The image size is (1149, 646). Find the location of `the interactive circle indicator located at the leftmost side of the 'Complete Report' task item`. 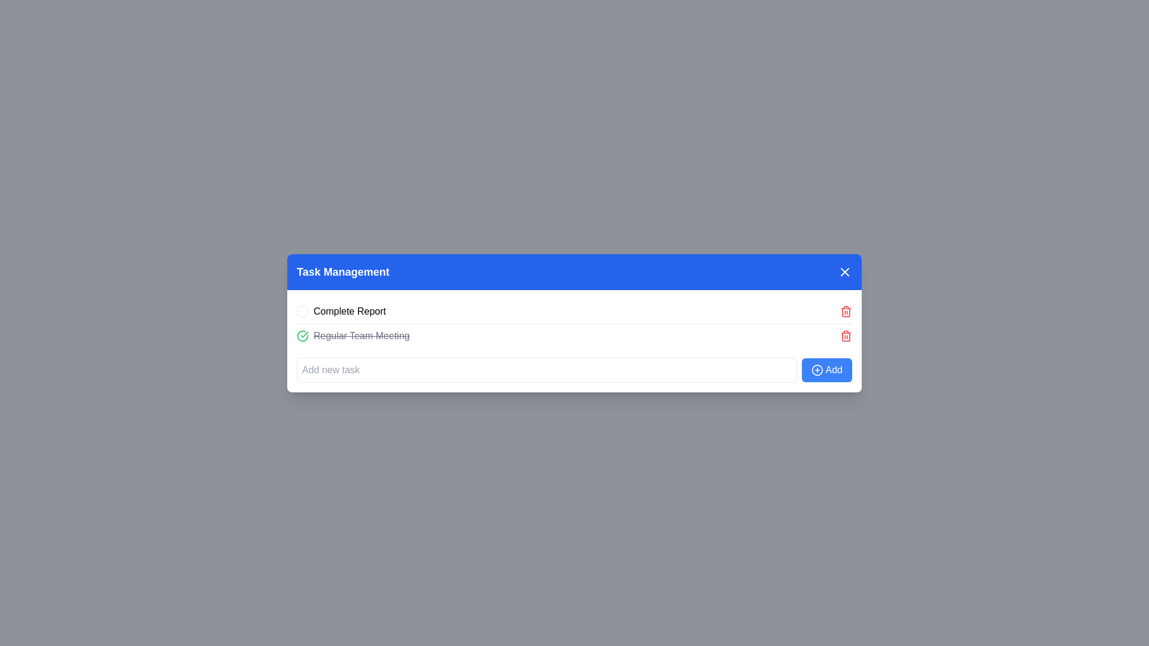

the interactive circle indicator located at the leftmost side of the 'Complete Report' task item is located at coordinates (302, 310).